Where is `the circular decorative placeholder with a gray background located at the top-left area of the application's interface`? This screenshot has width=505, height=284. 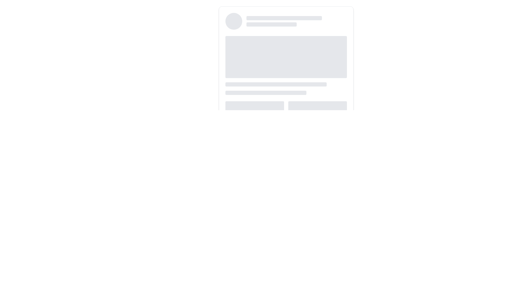
the circular decorative placeholder with a gray background located at the top-left area of the application's interface is located at coordinates (233, 21).